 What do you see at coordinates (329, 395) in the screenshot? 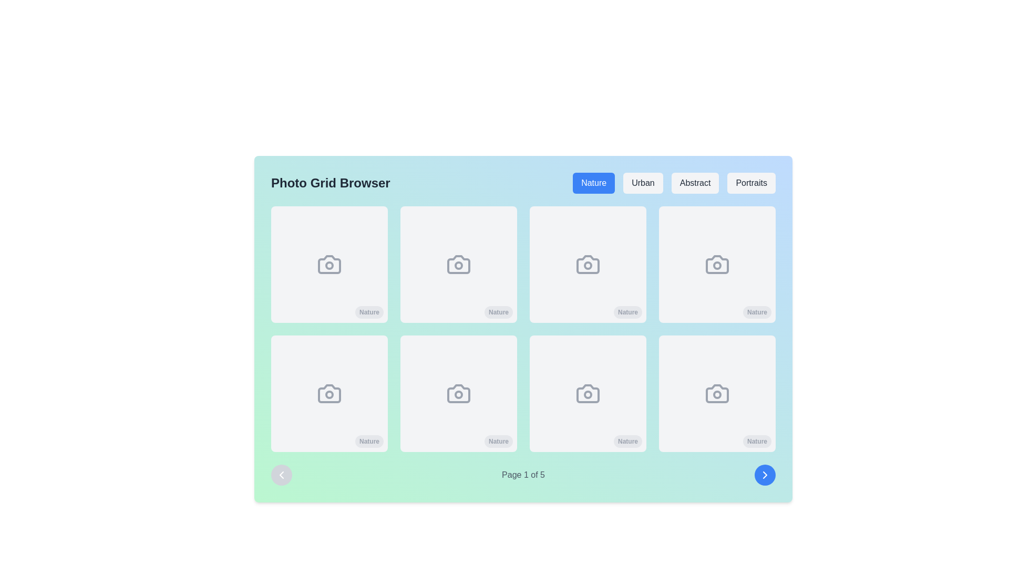
I see `the SVG Circle that represents the lens detail of the camera icon positioned in the center of the lower-left image within the third row of the grid` at bounding box center [329, 395].